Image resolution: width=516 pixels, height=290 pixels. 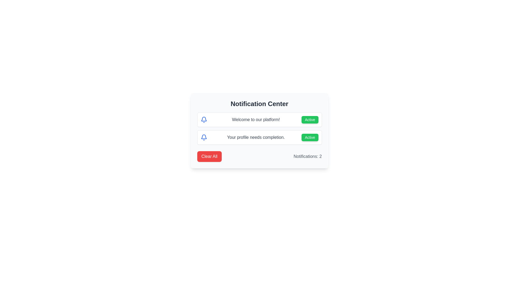 I want to click on the Text label that serves as a greeting or notification message, positioned between the bell icon and the 'Active' button in the notification card's first row, so click(x=256, y=119).